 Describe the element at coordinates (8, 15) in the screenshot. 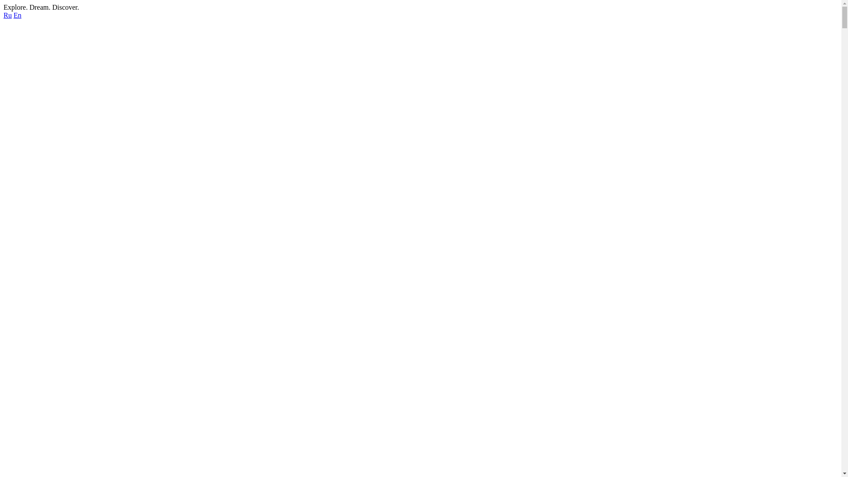

I see `'Ru'` at that location.